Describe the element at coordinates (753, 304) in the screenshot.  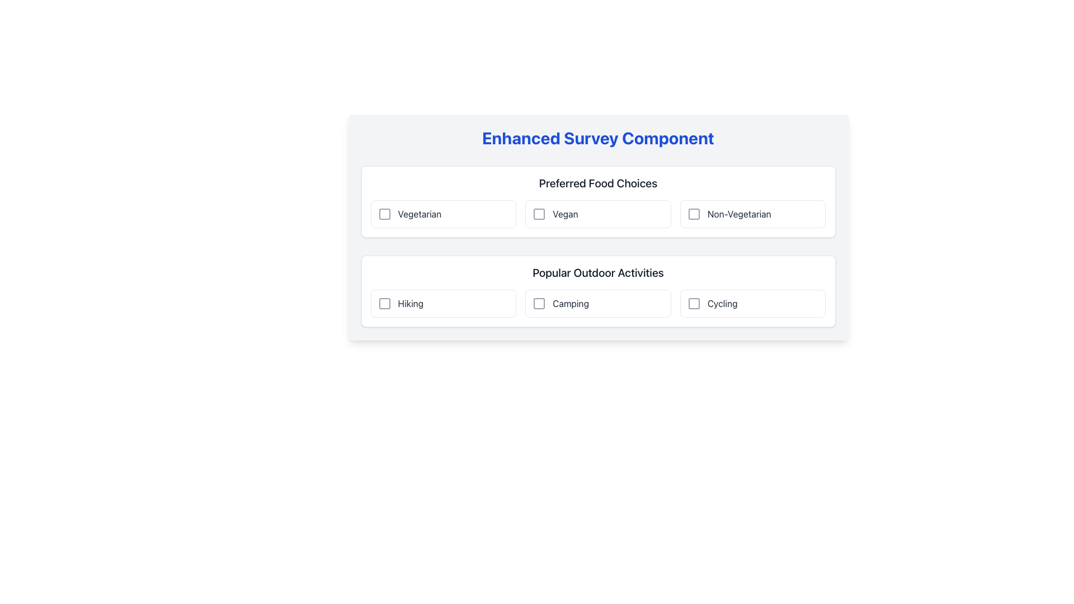
I see `the 'Cycling' checkbox in the 'Popular Outdoor Activities' section` at that location.